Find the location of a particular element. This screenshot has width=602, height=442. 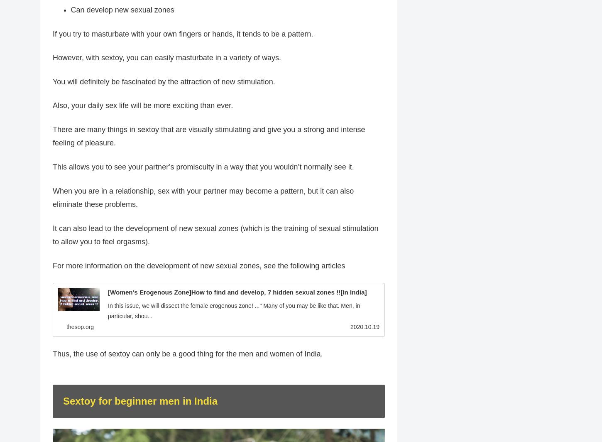

'If you try to masturbate with your own fingers or hands, it tends to be a pattern.' is located at coordinates (182, 33).